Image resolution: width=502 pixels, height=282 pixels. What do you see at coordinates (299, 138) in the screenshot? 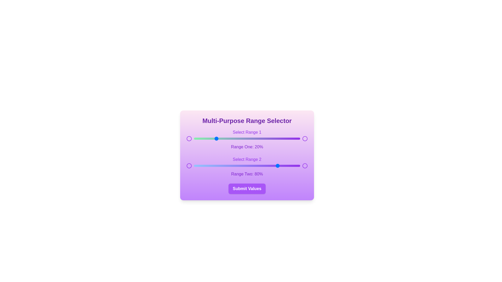
I see `the slider handle to set the value to 99% for the selected range` at bounding box center [299, 138].